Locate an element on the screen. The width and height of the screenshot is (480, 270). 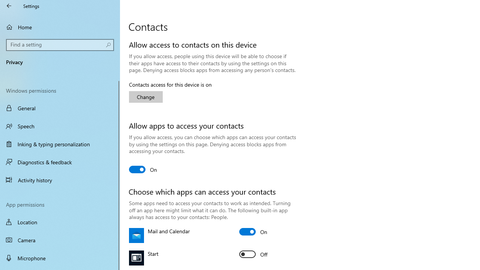
'Microphone' is located at coordinates (60, 257).